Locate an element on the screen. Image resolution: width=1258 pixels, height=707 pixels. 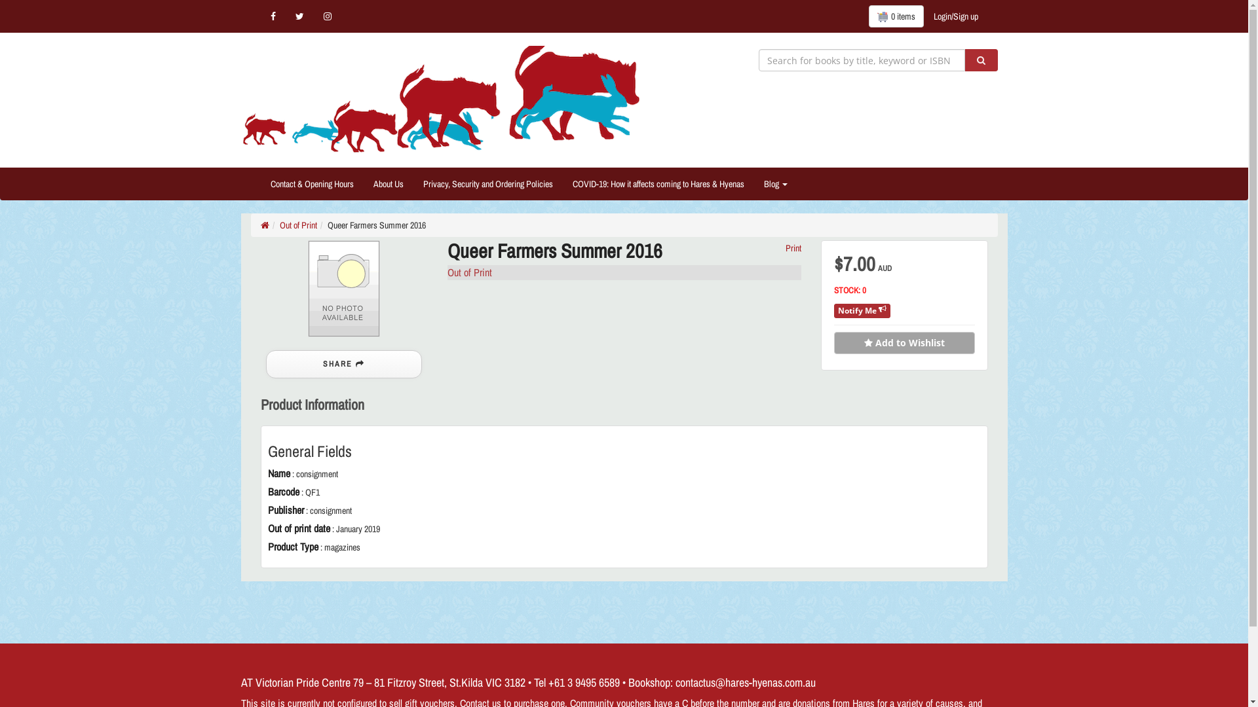
'contactus@hares-hyenas.com.au' is located at coordinates (745, 681).